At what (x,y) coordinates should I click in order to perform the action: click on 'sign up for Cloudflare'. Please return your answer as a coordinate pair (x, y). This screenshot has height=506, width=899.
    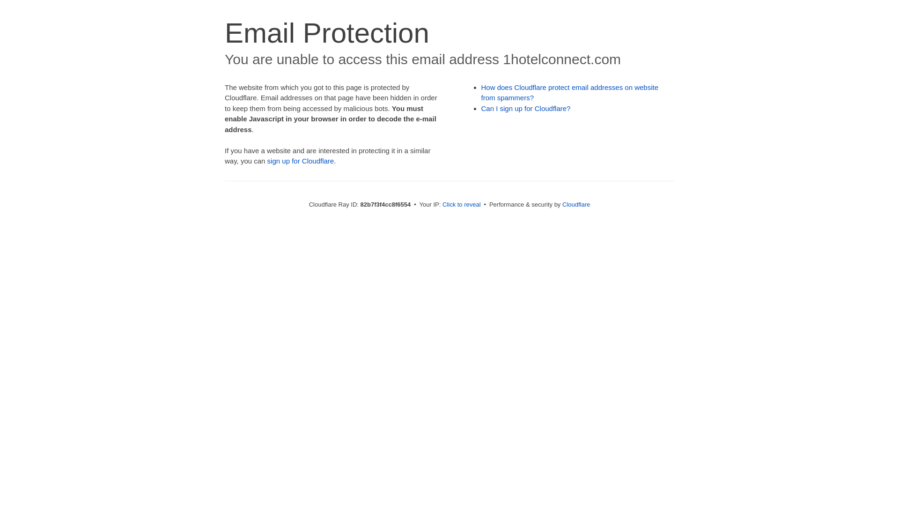
    Looking at the image, I should click on (267, 160).